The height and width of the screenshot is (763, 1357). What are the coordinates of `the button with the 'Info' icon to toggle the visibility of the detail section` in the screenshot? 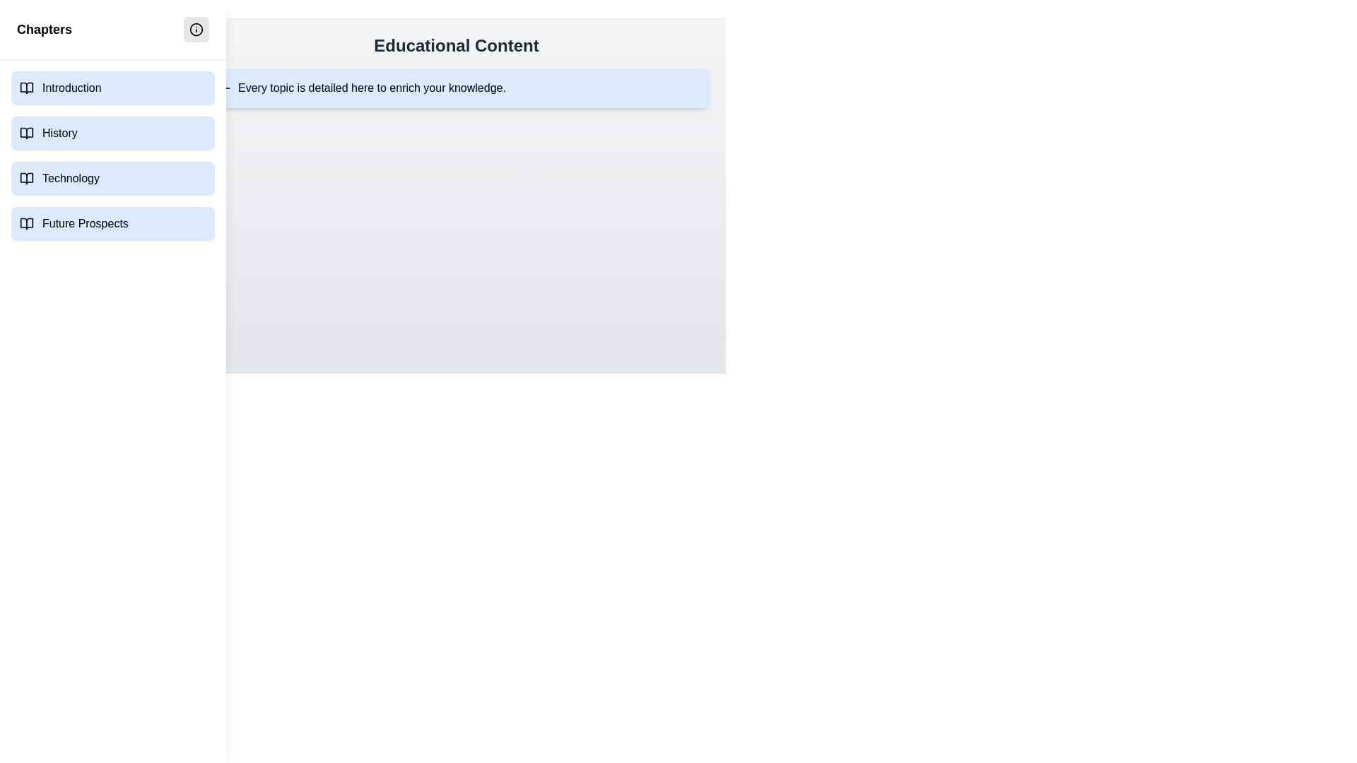 It's located at (196, 30).